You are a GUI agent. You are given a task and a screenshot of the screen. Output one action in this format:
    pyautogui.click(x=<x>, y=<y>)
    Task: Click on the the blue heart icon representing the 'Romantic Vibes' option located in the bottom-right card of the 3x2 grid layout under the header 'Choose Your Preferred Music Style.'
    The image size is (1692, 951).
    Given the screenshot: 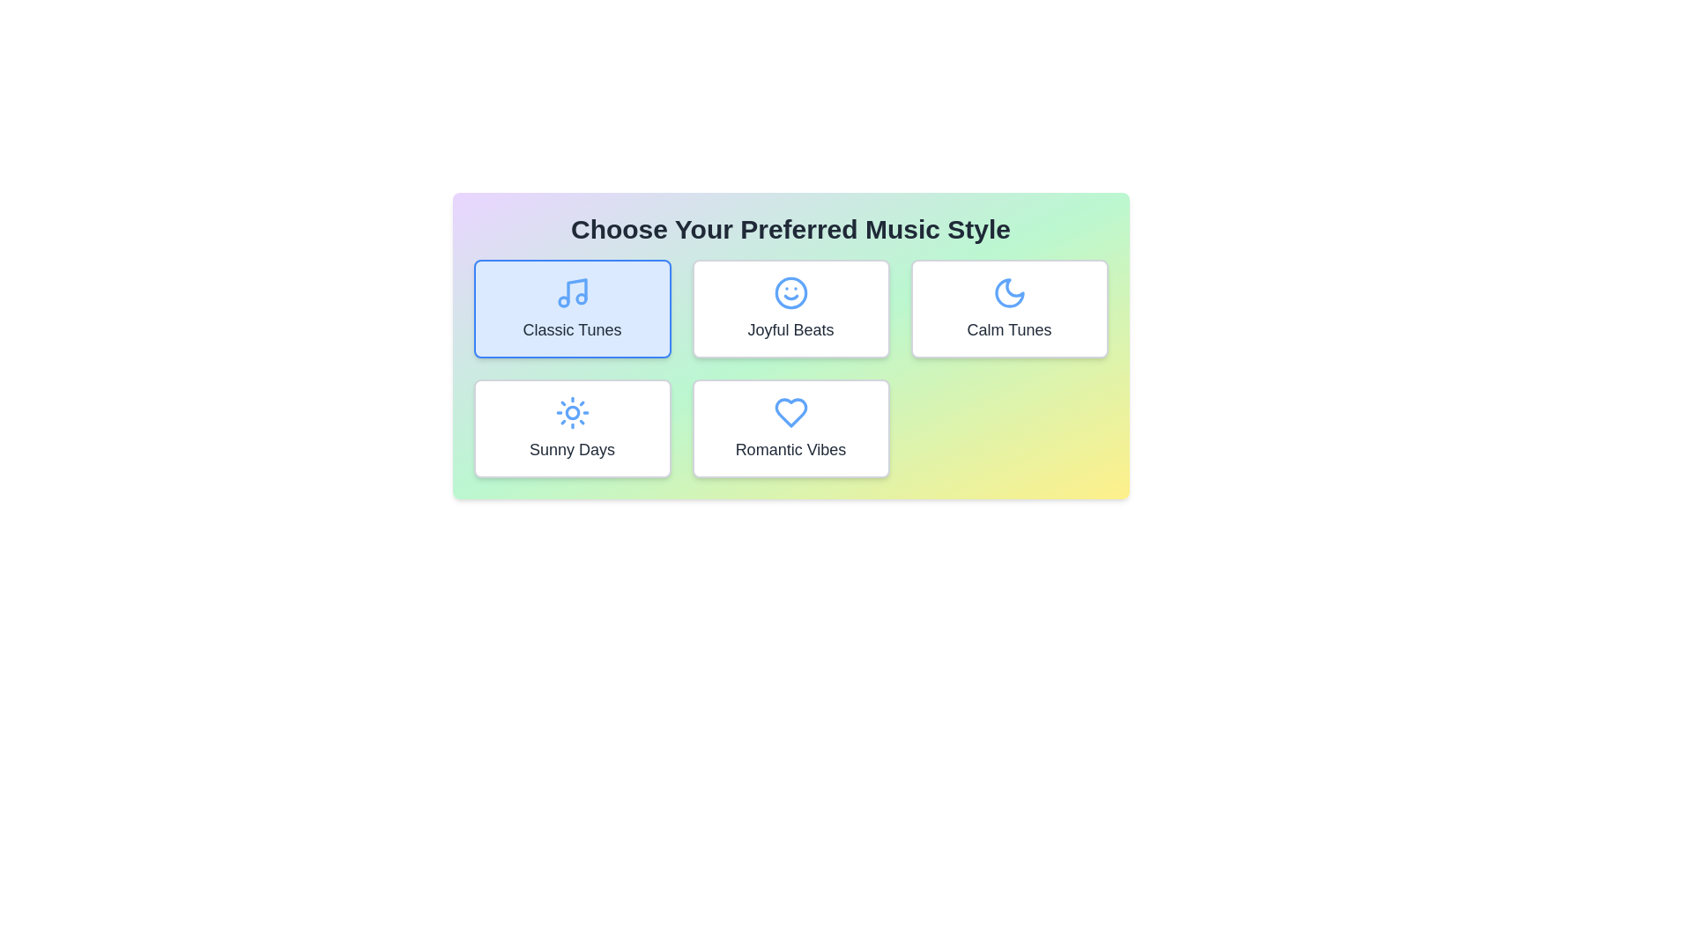 What is the action you would take?
    pyautogui.click(x=790, y=413)
    